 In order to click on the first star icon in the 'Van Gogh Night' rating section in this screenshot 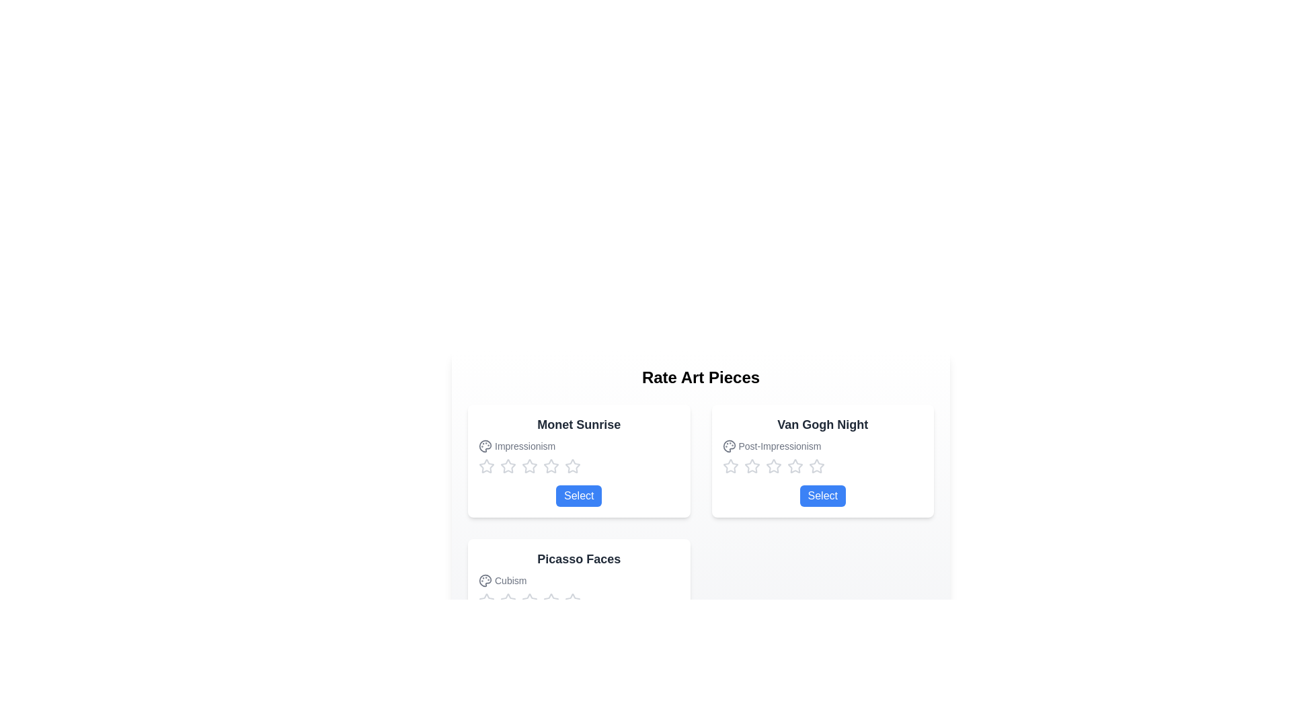, I will do `click(730, 465)`.